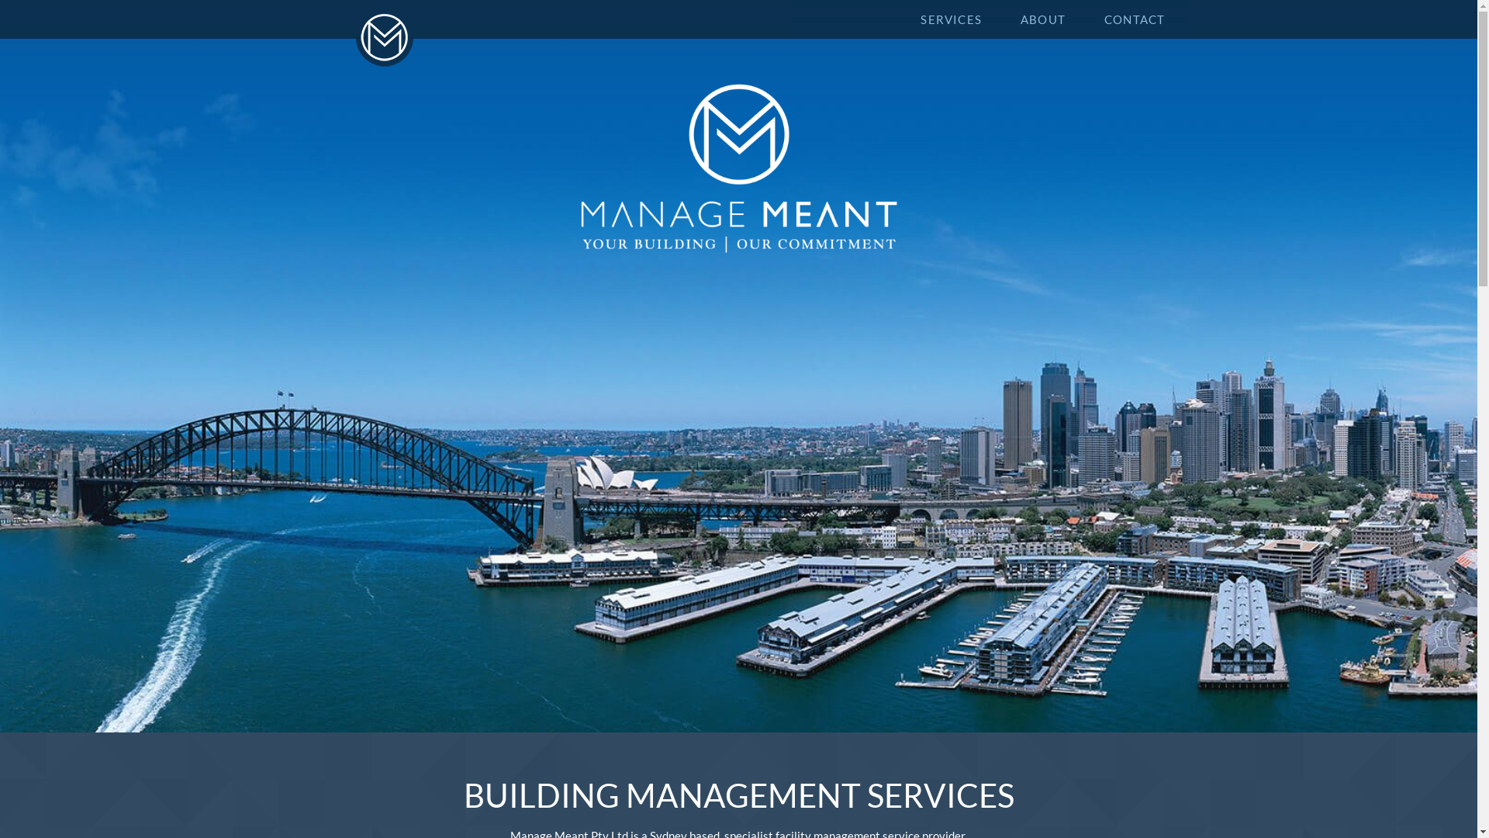  What do you see at coordinates (1135, 19) in the screenshot?
I see `'CONTACT'` at bounding box center [1135, 19].